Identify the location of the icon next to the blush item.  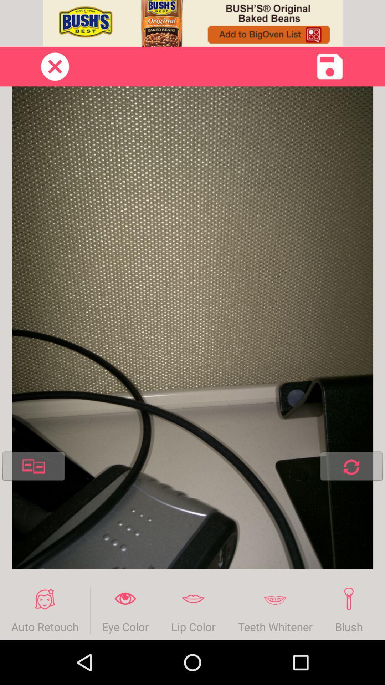
(275, 610).